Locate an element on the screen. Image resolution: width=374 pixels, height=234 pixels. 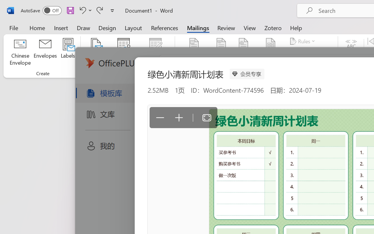
'Undo Apply Quick Style Set' is located at coordinates (84, 10).